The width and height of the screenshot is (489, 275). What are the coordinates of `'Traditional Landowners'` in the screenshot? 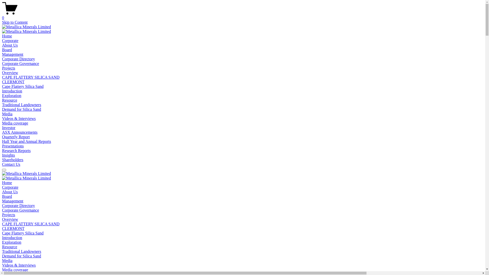 It's located at (21, 104).